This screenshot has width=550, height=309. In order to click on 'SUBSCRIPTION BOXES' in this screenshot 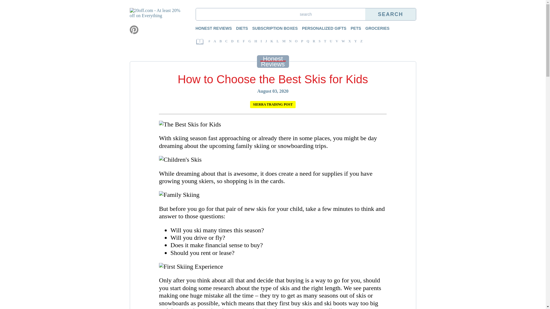, I will do `click(272, 27)`.